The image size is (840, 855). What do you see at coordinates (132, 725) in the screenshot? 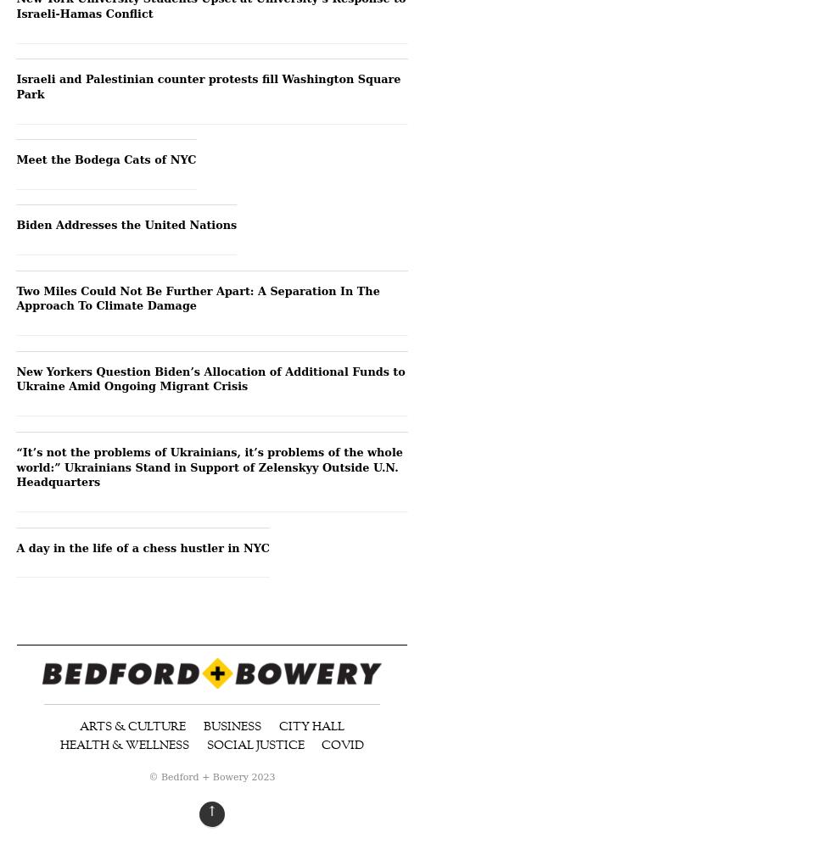
I see `'Arts & Culture'` at bounding box center [132, 725].